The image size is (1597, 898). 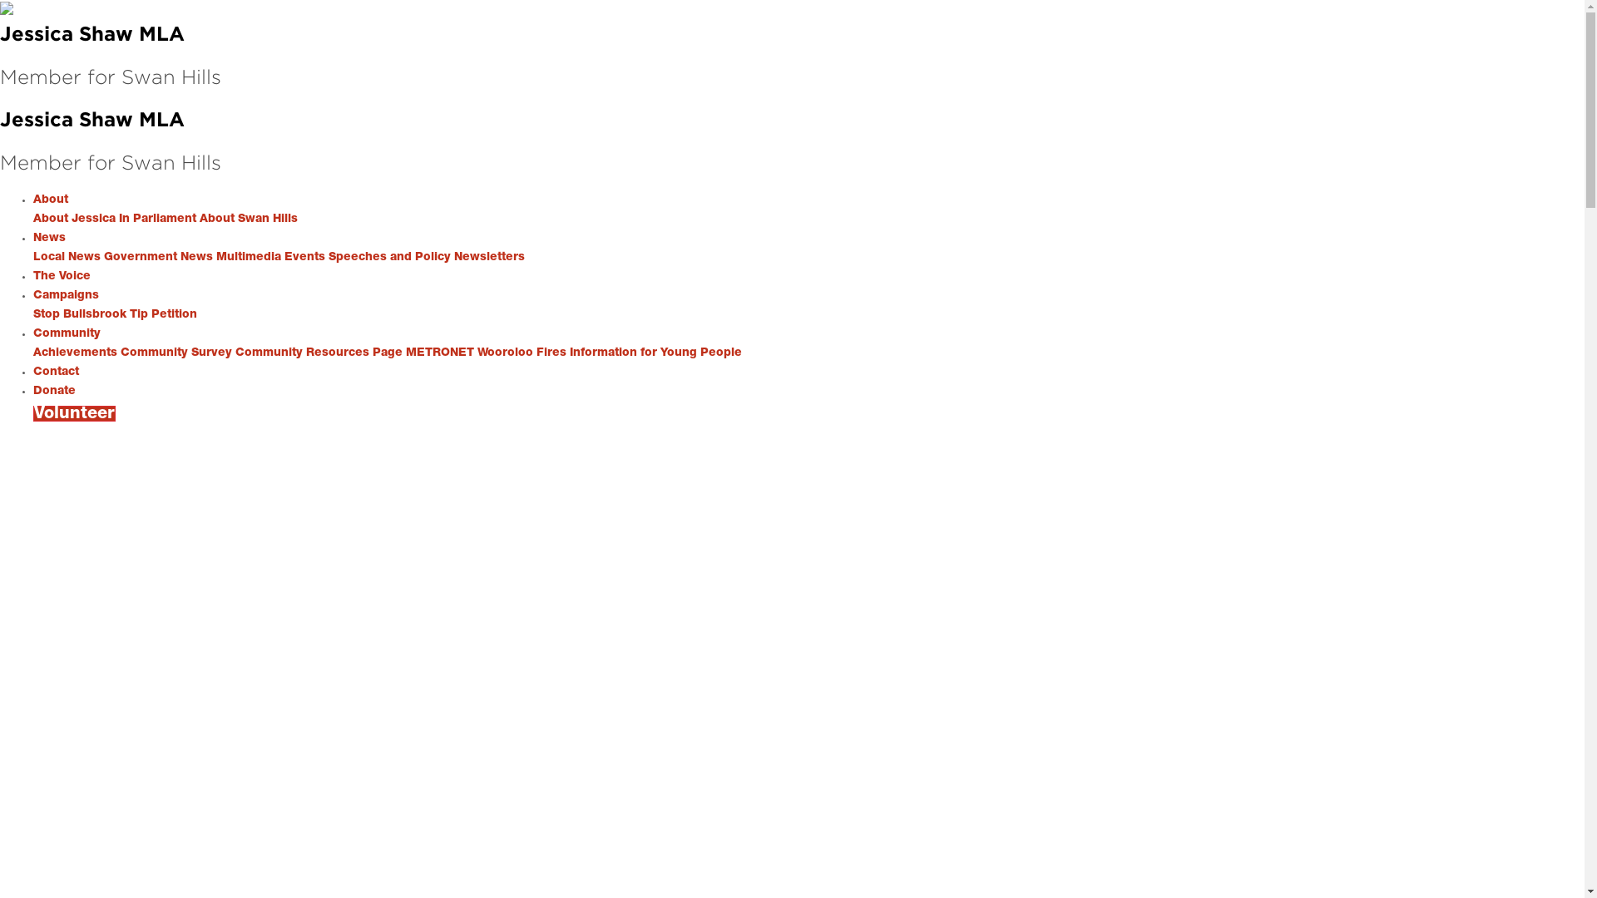 What do you see at coordinates (235, 352) in the screenshot?
I see `'Community Resources Page'` at bounding box center [235, 352].